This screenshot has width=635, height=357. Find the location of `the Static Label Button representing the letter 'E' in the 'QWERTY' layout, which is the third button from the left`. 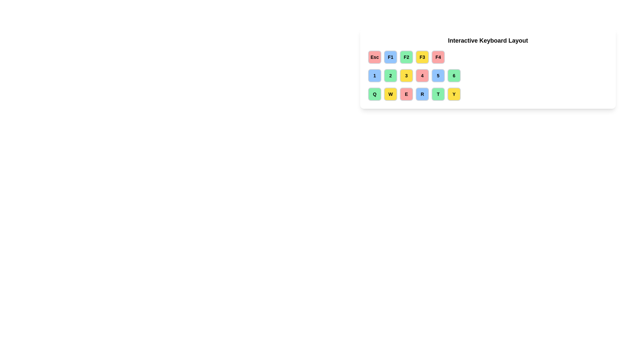

the Static Label Button representing the letter 'E' in the 'QWERTY' layout, which is the third button from the left is located at coordinates (406, 94).